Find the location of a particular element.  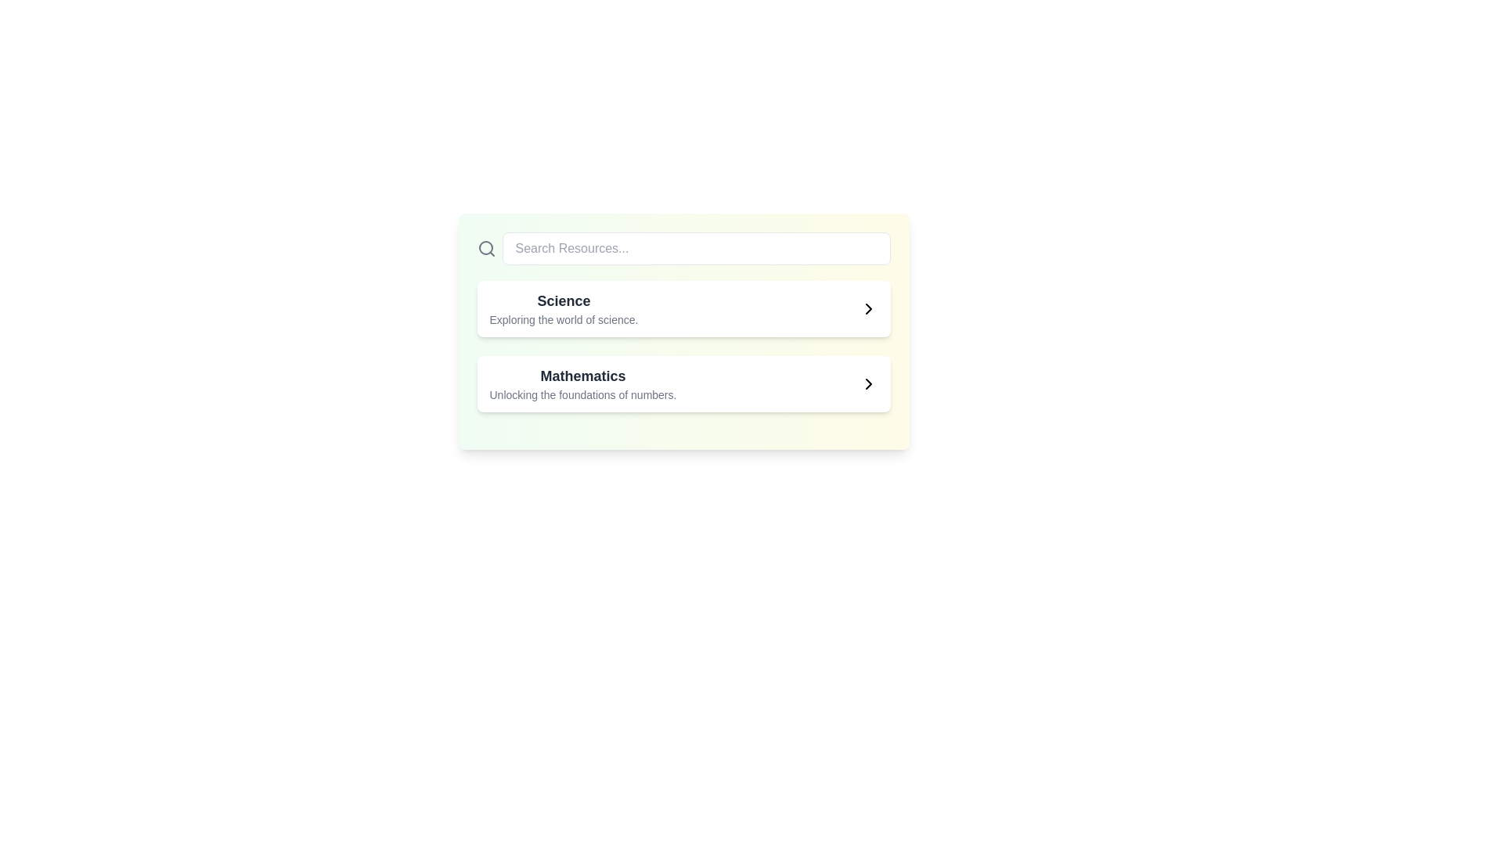

the search icon located at the leftmost side of the row layout above the main content area is located at coordinates (485, 247).